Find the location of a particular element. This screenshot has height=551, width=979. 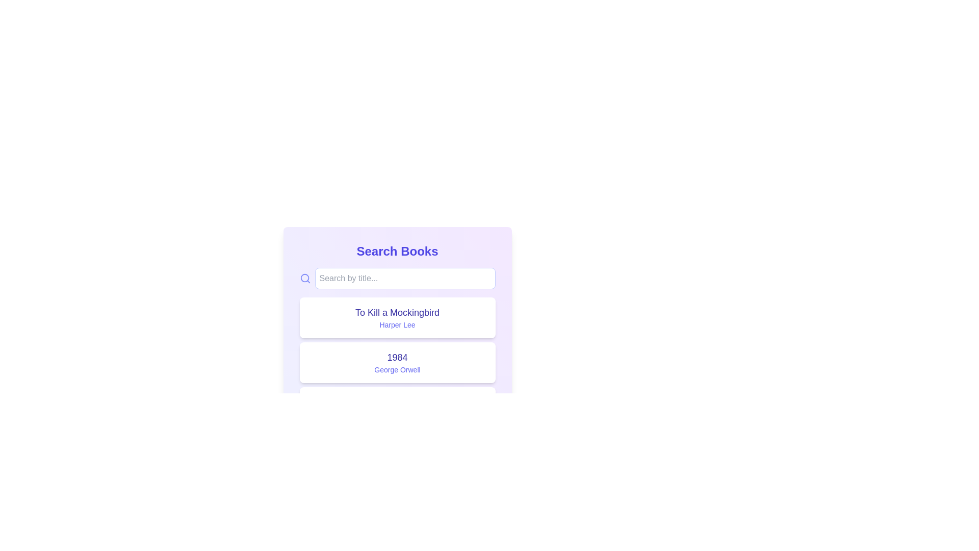

the text label displaying 'Harper Lee' which is styled in medium indigo color and located beneath the 'To Kill a Mockingbird' label is located at coordinates (397, 324).